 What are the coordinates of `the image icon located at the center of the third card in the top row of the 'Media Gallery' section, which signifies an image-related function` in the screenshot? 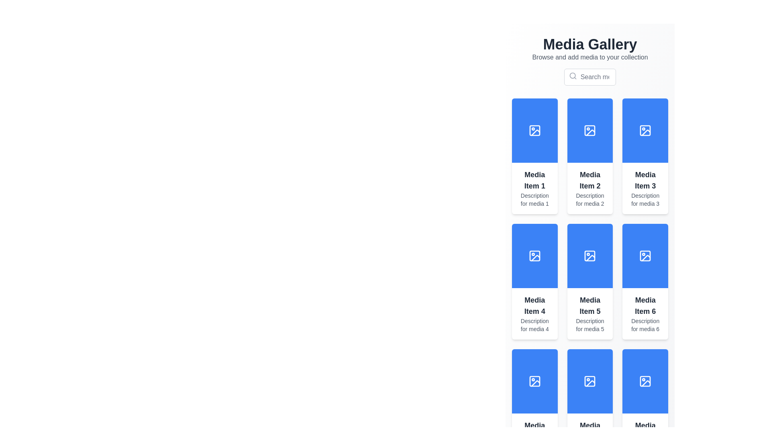 It's located at (645, 130).